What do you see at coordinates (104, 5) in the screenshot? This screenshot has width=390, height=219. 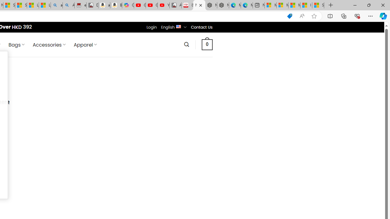 I see `'amazon.in/dp/B0CX59H5W7/?tag=gsmcom05-21'` at bounding box center [104, 5].